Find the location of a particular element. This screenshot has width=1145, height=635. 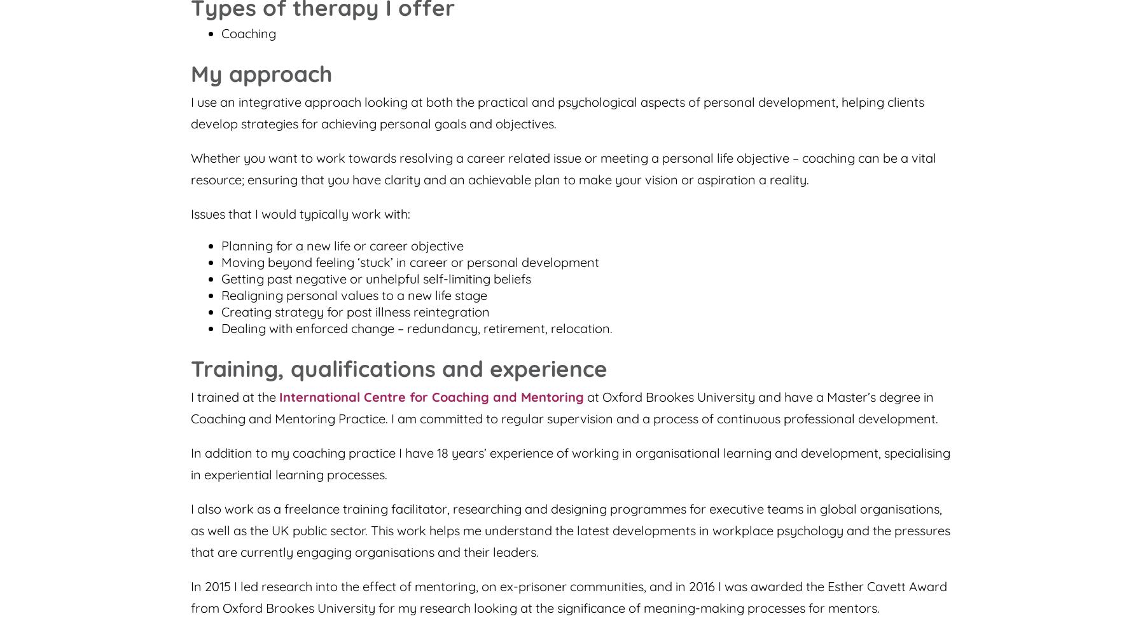

'My approach' is located at coordinates (261, 73).